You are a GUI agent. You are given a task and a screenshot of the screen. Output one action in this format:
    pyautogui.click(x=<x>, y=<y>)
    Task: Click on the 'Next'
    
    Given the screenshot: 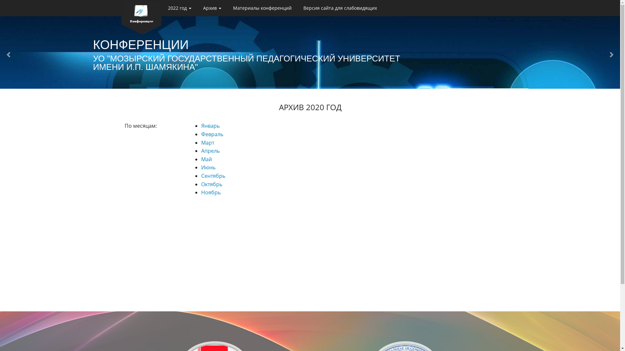 What is the action you would take?
    pyautogui.click(x=612, y=54)
    